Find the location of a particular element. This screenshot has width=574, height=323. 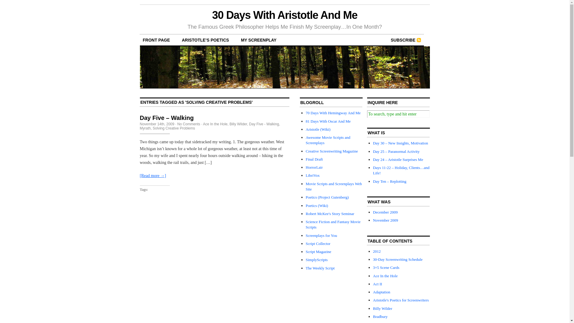

'81 Days With Oscar And Me' is located at coordinates (328, 121).